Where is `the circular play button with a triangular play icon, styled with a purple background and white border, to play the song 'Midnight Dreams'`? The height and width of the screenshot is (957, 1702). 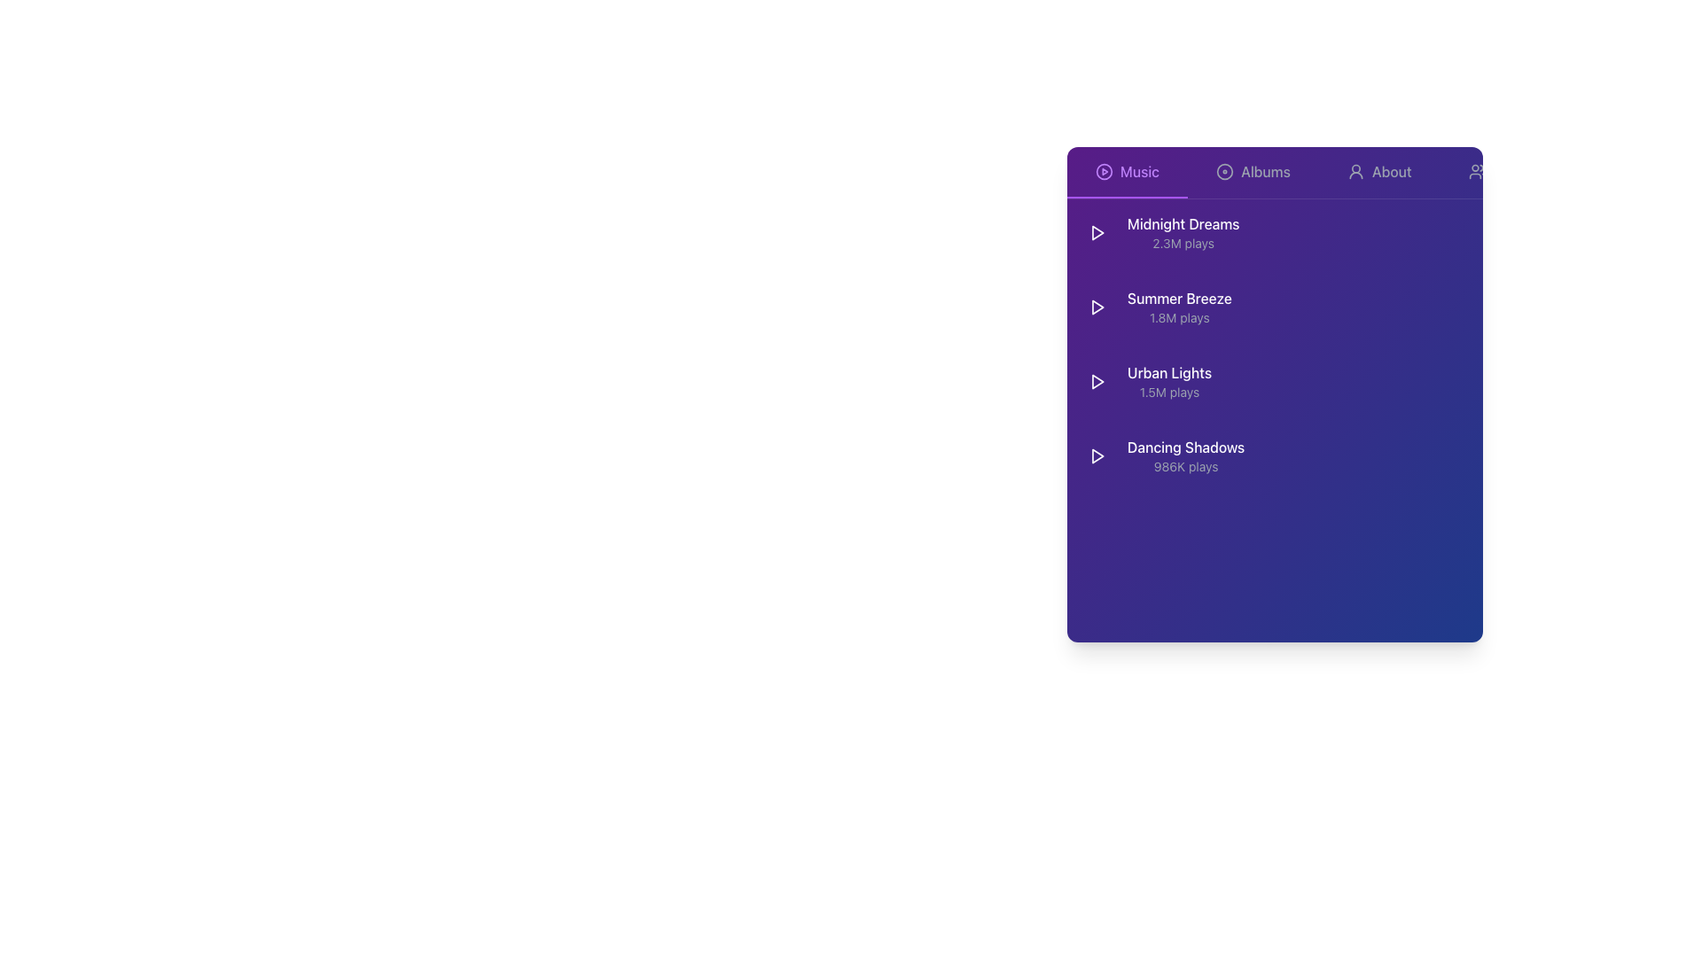 the circular play button with a triangular play icon, styled with a purple background and white border, to play the song 'Midnight Dreams' is located at coordinates (1097, 231).